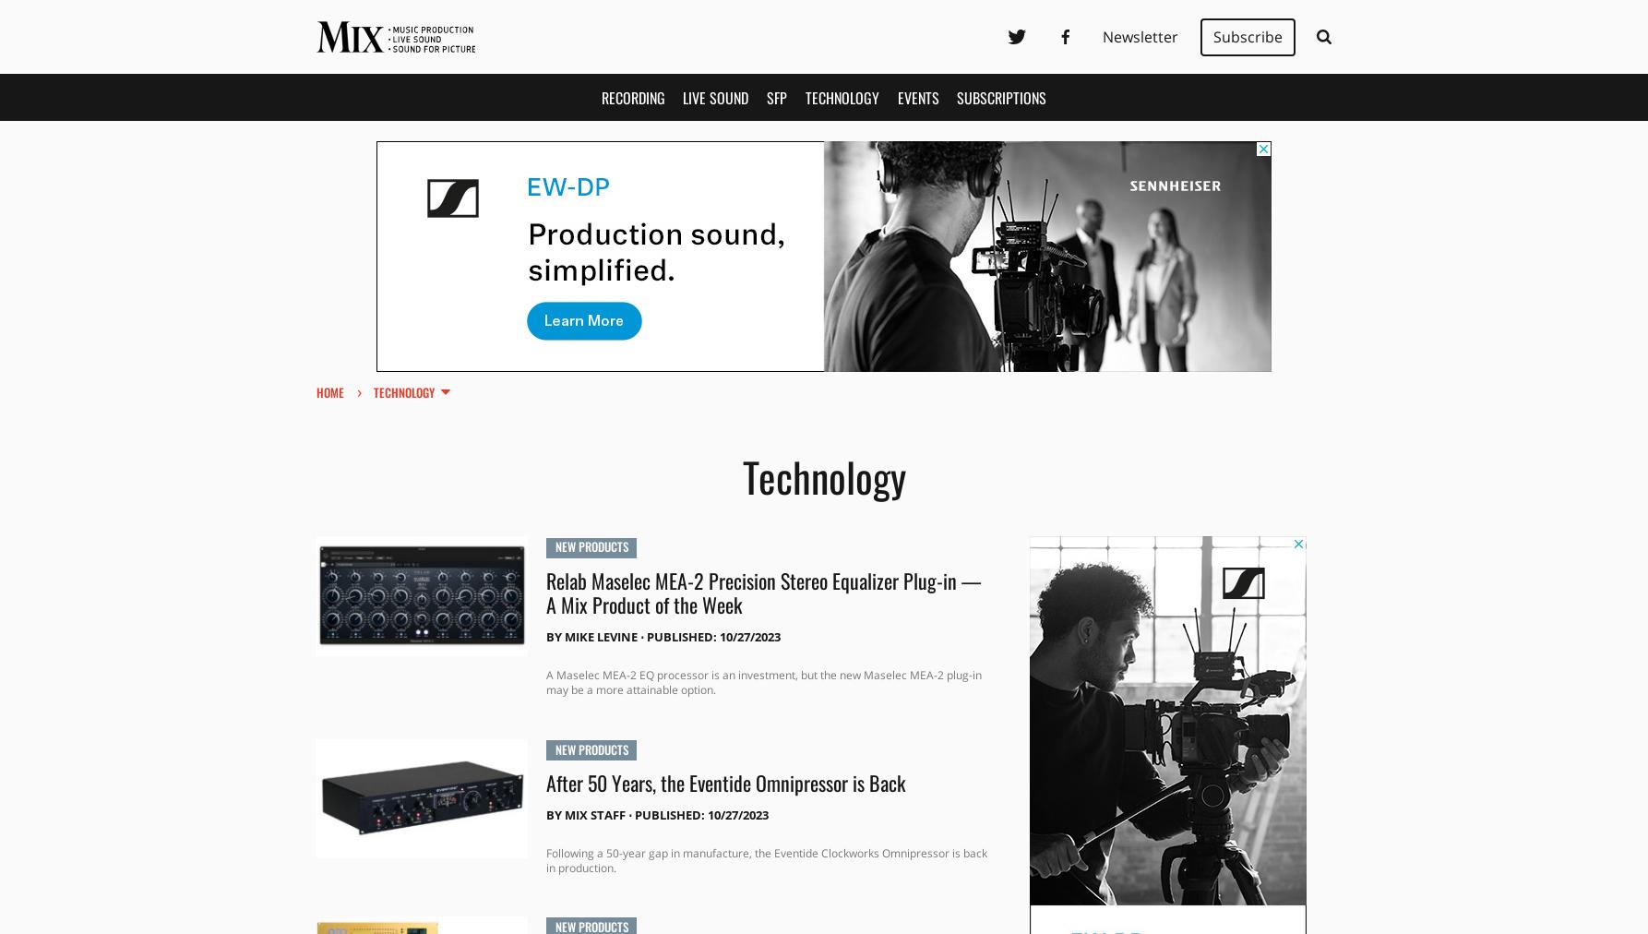 This screenshot has height=934, width=1648. What do you see at coordinates (764, 859) in the screenshot?
I see `'Following a 50-year gap in manufacture, the Eventide Clockworks Omnipressor is back in production.'` at bounding box center [764, 859].